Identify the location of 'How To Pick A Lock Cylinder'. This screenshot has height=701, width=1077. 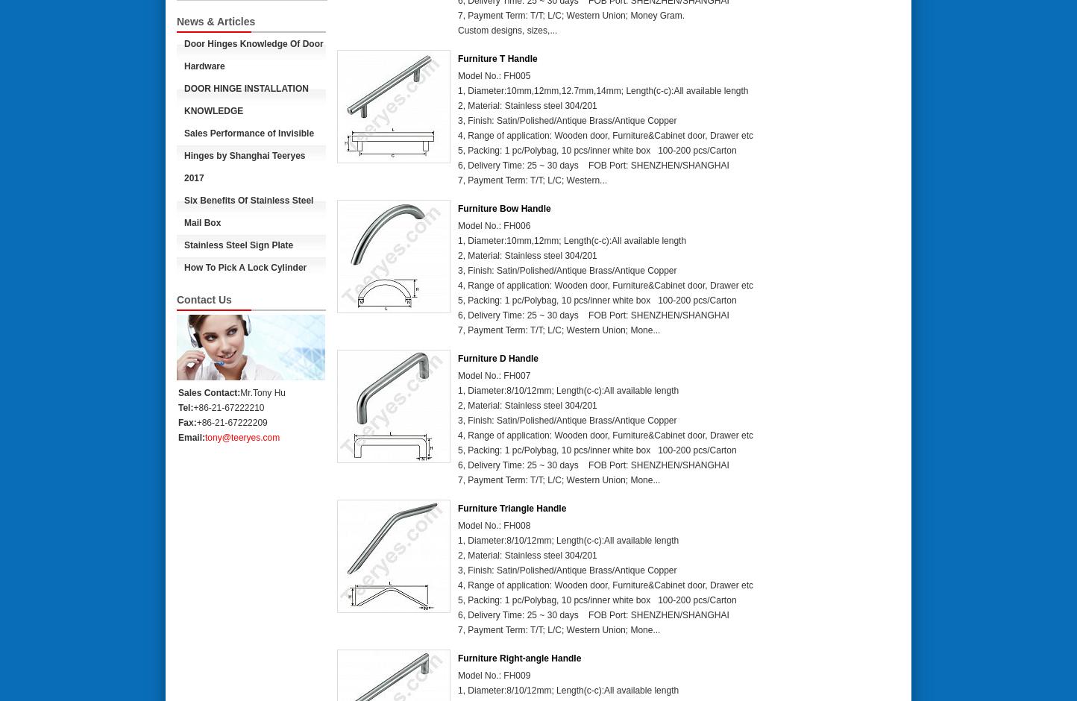
(244, 266).